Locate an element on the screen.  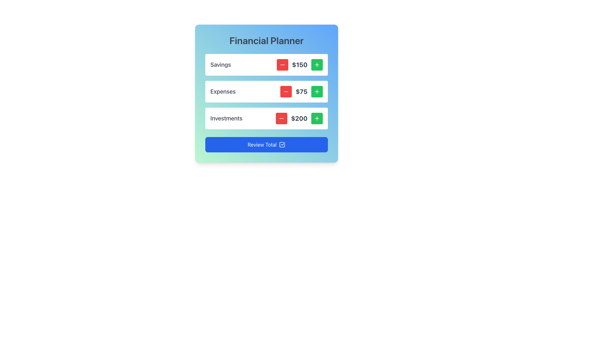
the green button with rounded corners and a plus icon located near the right-hand side of the '$150' Savings row is located at coordinates (317, 65).